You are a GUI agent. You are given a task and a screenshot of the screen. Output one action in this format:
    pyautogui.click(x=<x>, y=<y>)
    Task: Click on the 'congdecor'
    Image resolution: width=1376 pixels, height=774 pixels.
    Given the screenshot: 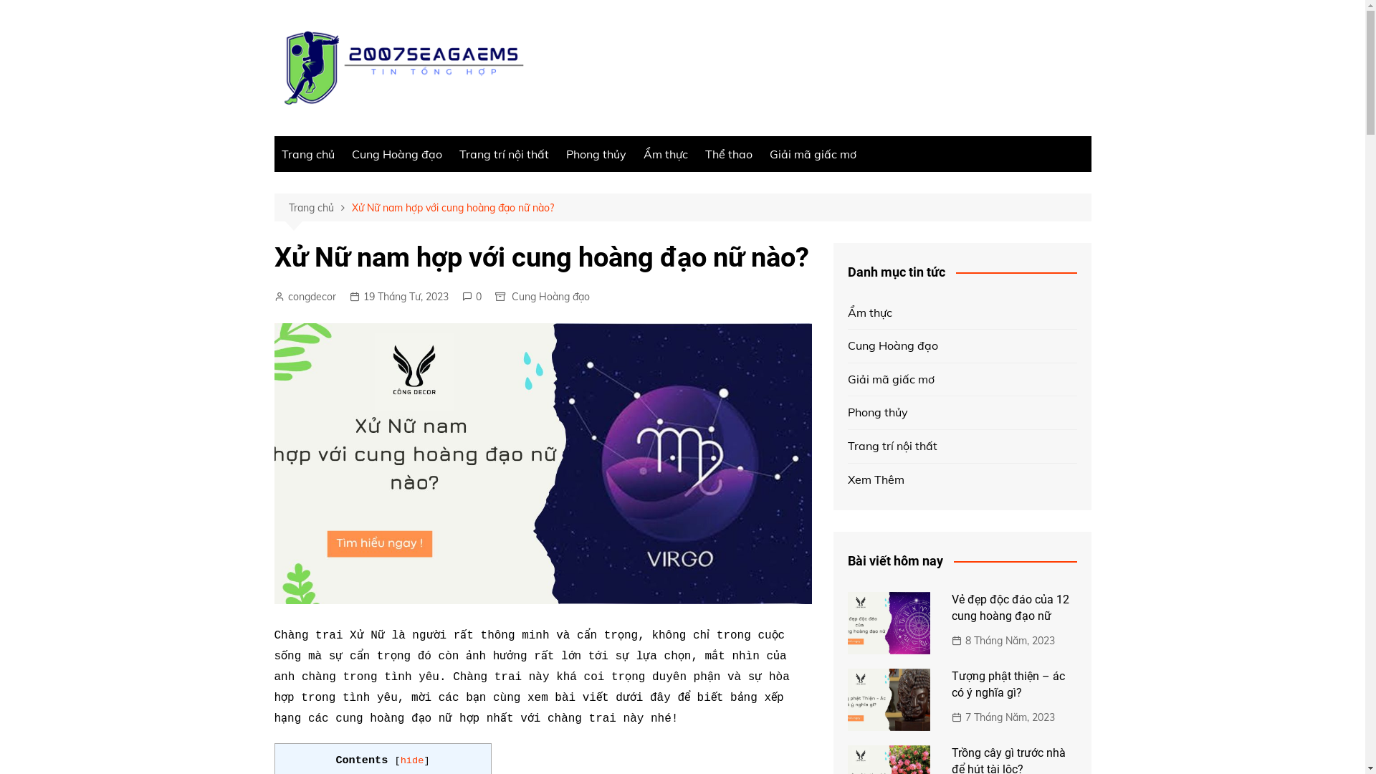 What is the action you would take?
    pyautogui.click(x=304, y=295)
    